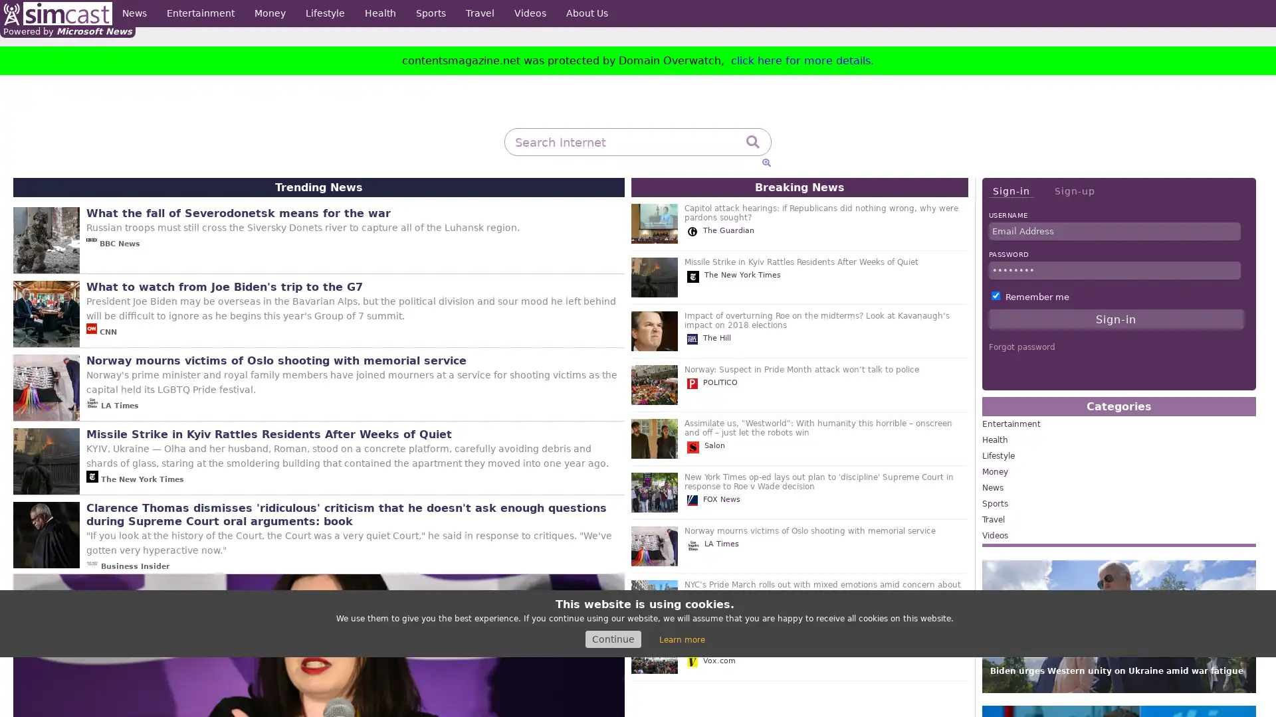 This screenshot has width=1276, height=717. What do you see at coordinates (612, 639) in the screenshot?
I see `Continue` at bounding box center [612, 639].